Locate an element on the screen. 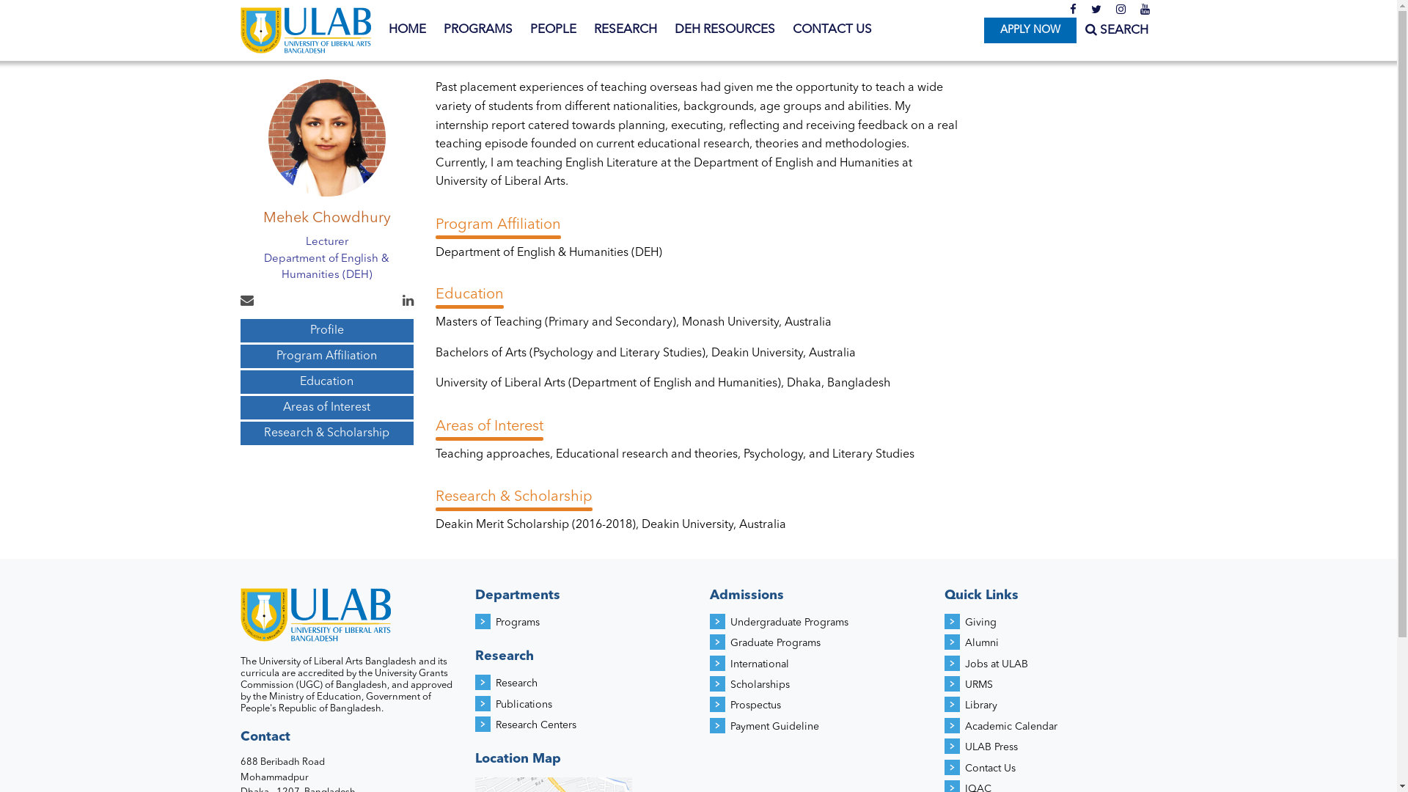 The image size is (1408, 792). 'Undergraduate Programs' is located at coordinates (788, 622).